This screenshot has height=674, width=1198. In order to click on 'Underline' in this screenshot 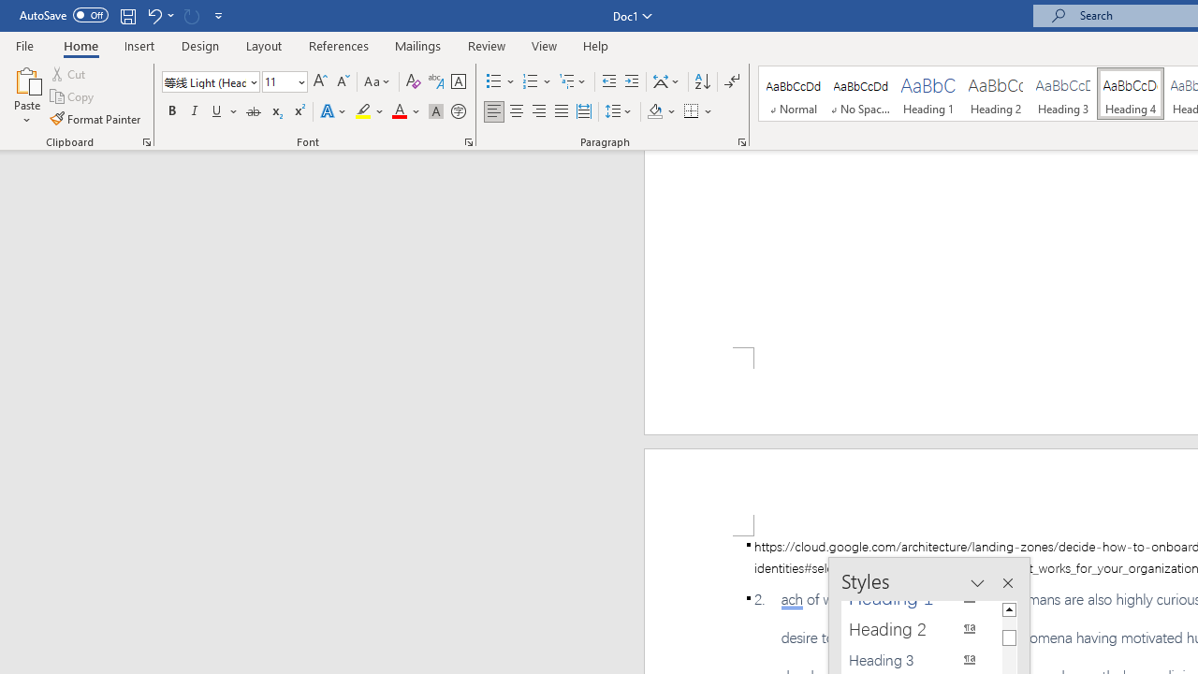, I will do `click(217, 111)`.